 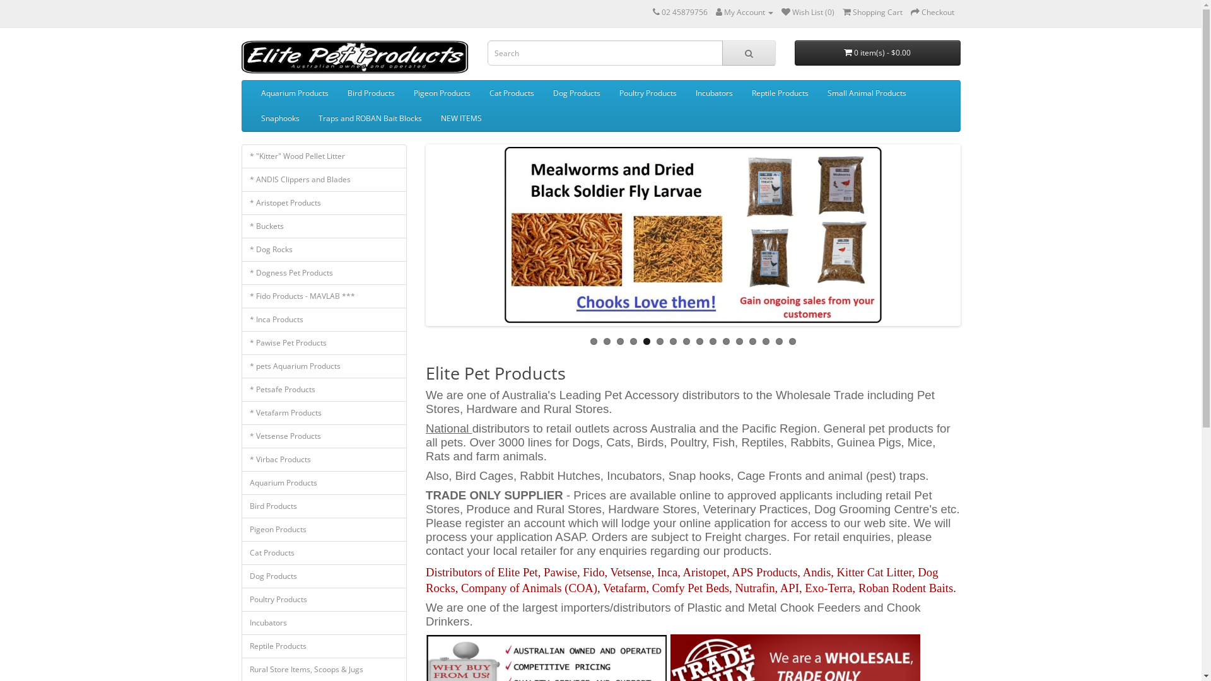 What do you see at coordinates (842, 12) in the screenshot?
I see `'Shopping Cart'` at bounding box center [842, 12].